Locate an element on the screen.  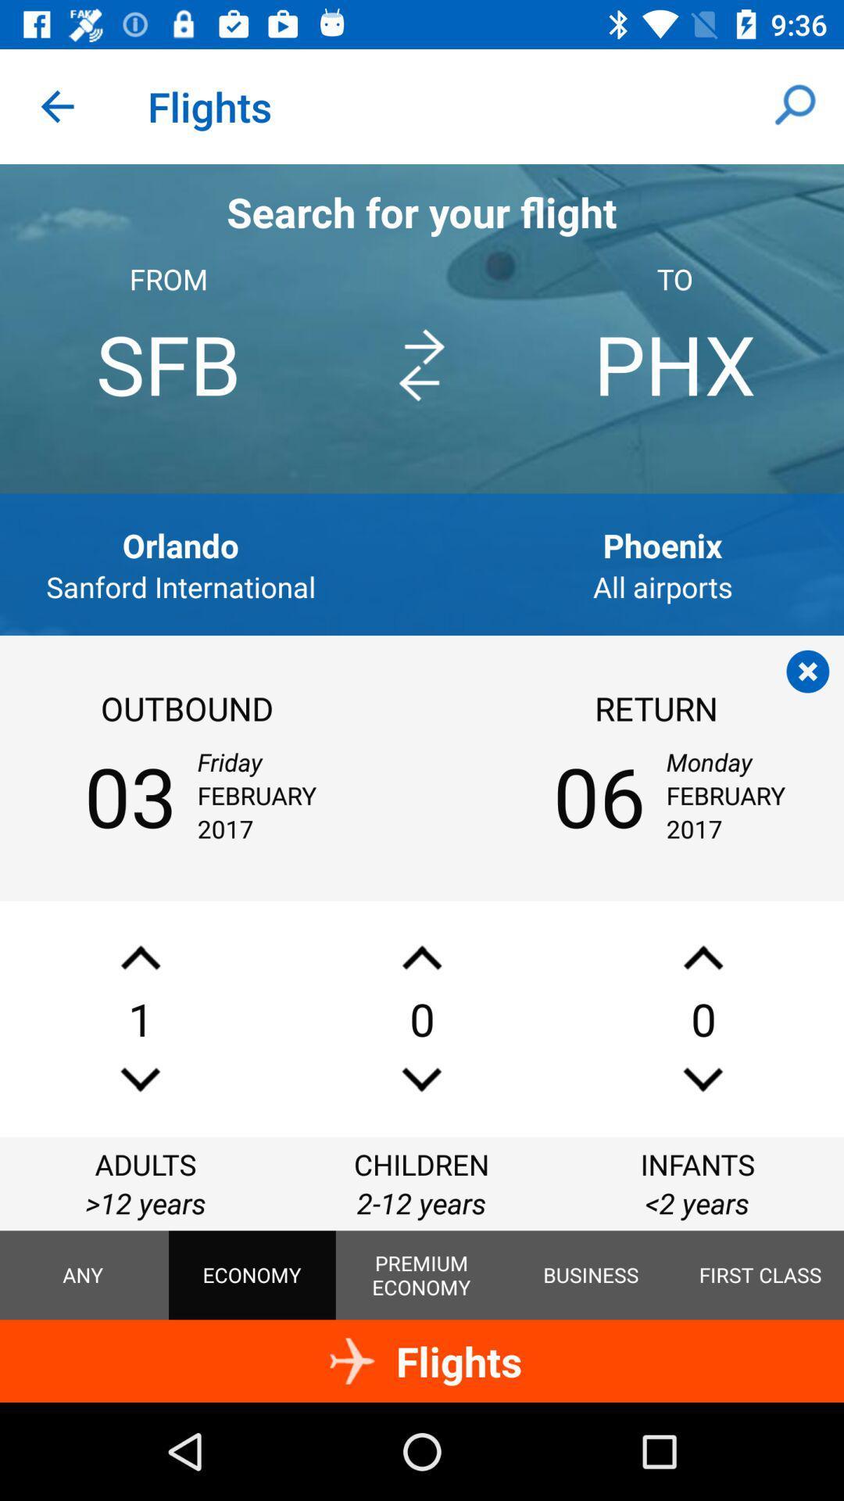
an adult is located at coordinates (141, 957).